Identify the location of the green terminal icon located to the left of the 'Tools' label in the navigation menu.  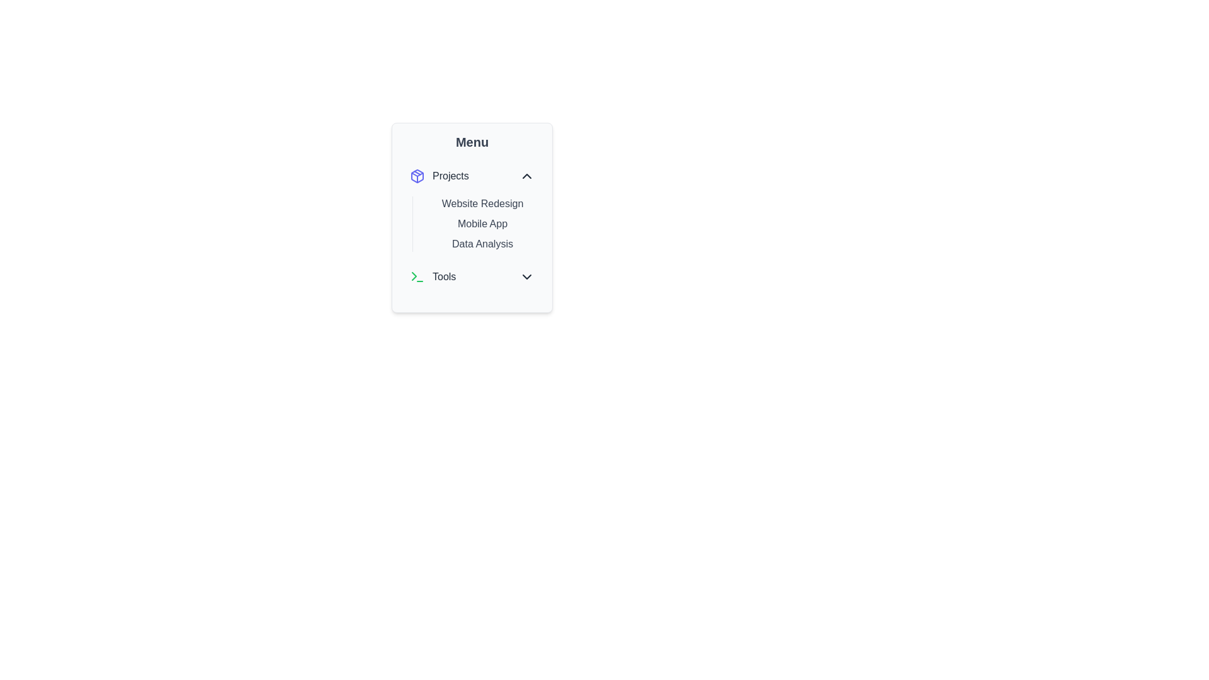
(417, 276).